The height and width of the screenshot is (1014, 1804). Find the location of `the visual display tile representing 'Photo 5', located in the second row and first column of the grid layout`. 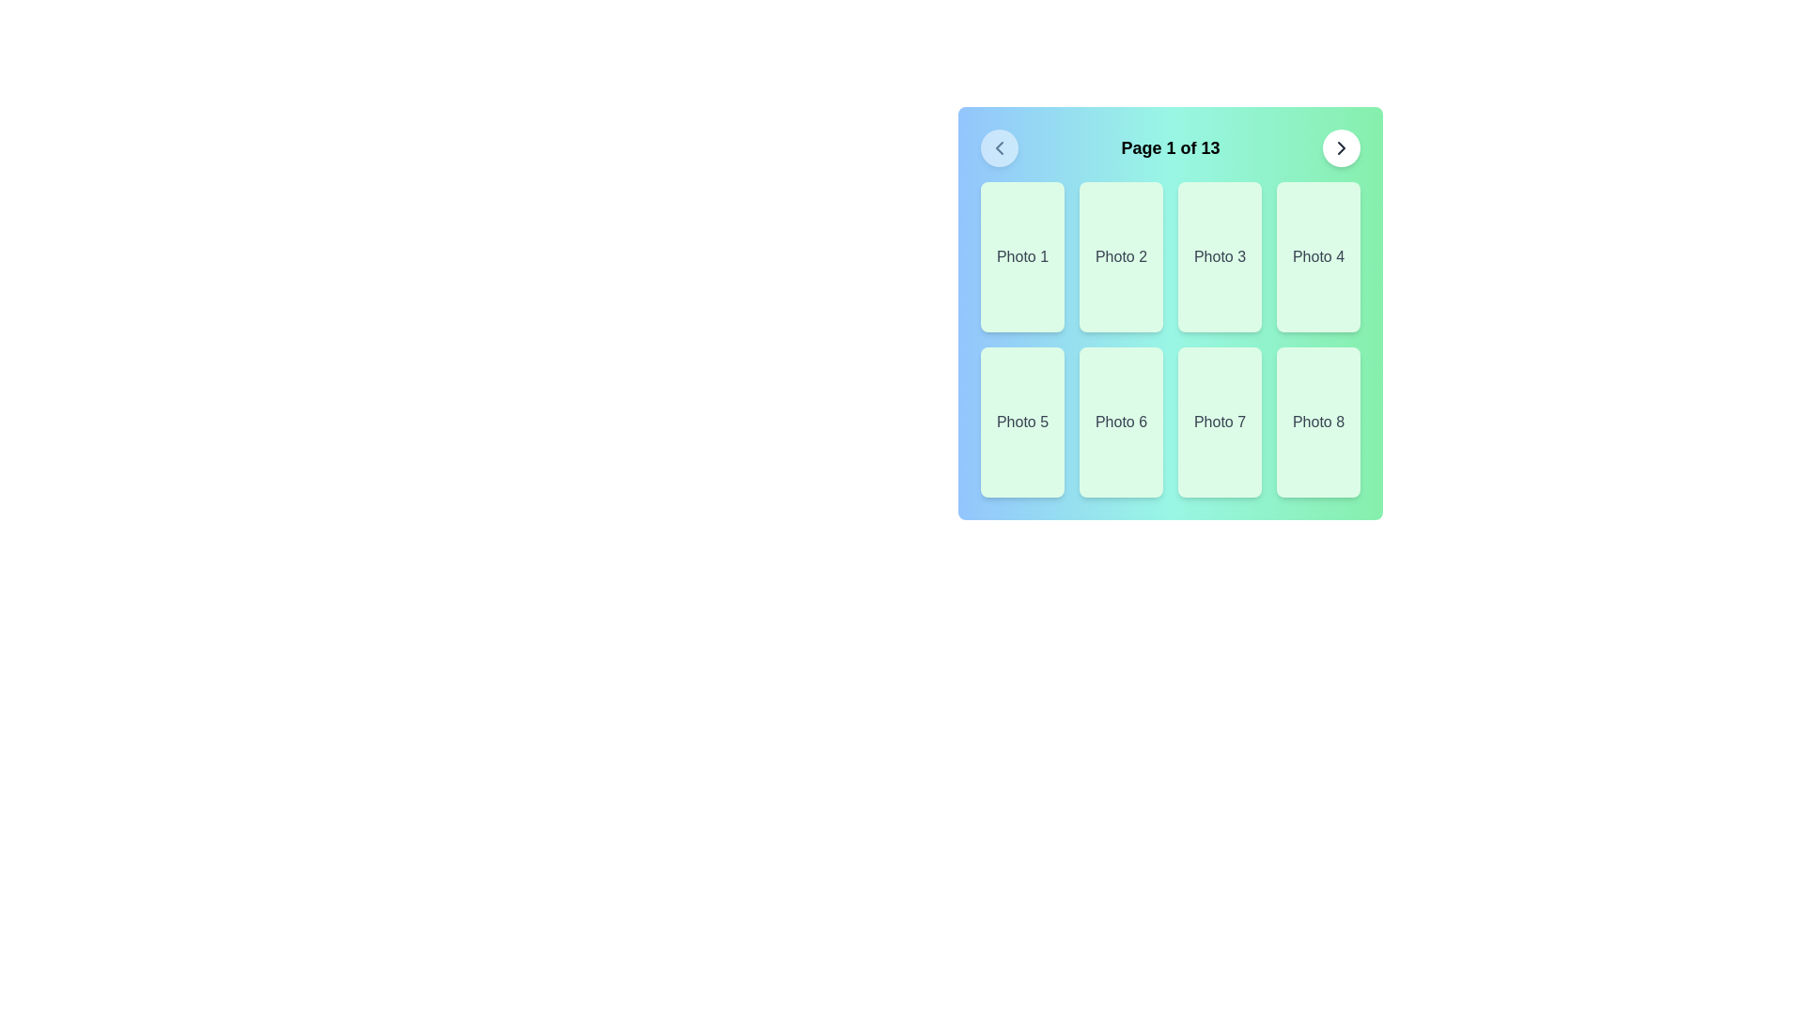

the visual display tile representing 'Photo 5', located in the second row and first column of the grid layout is located at coordinates (1021, 422).